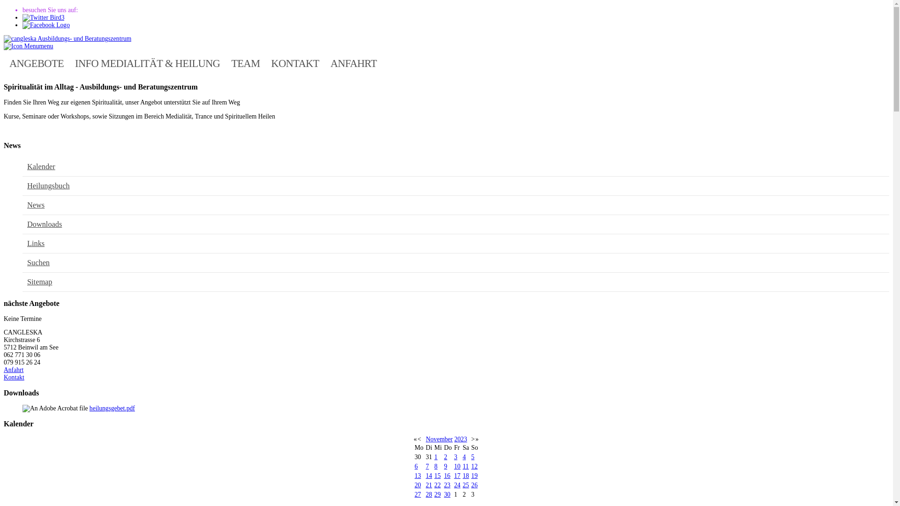 This screenshot has height=506, width=900. I want to click on '18', so click(465, 476).